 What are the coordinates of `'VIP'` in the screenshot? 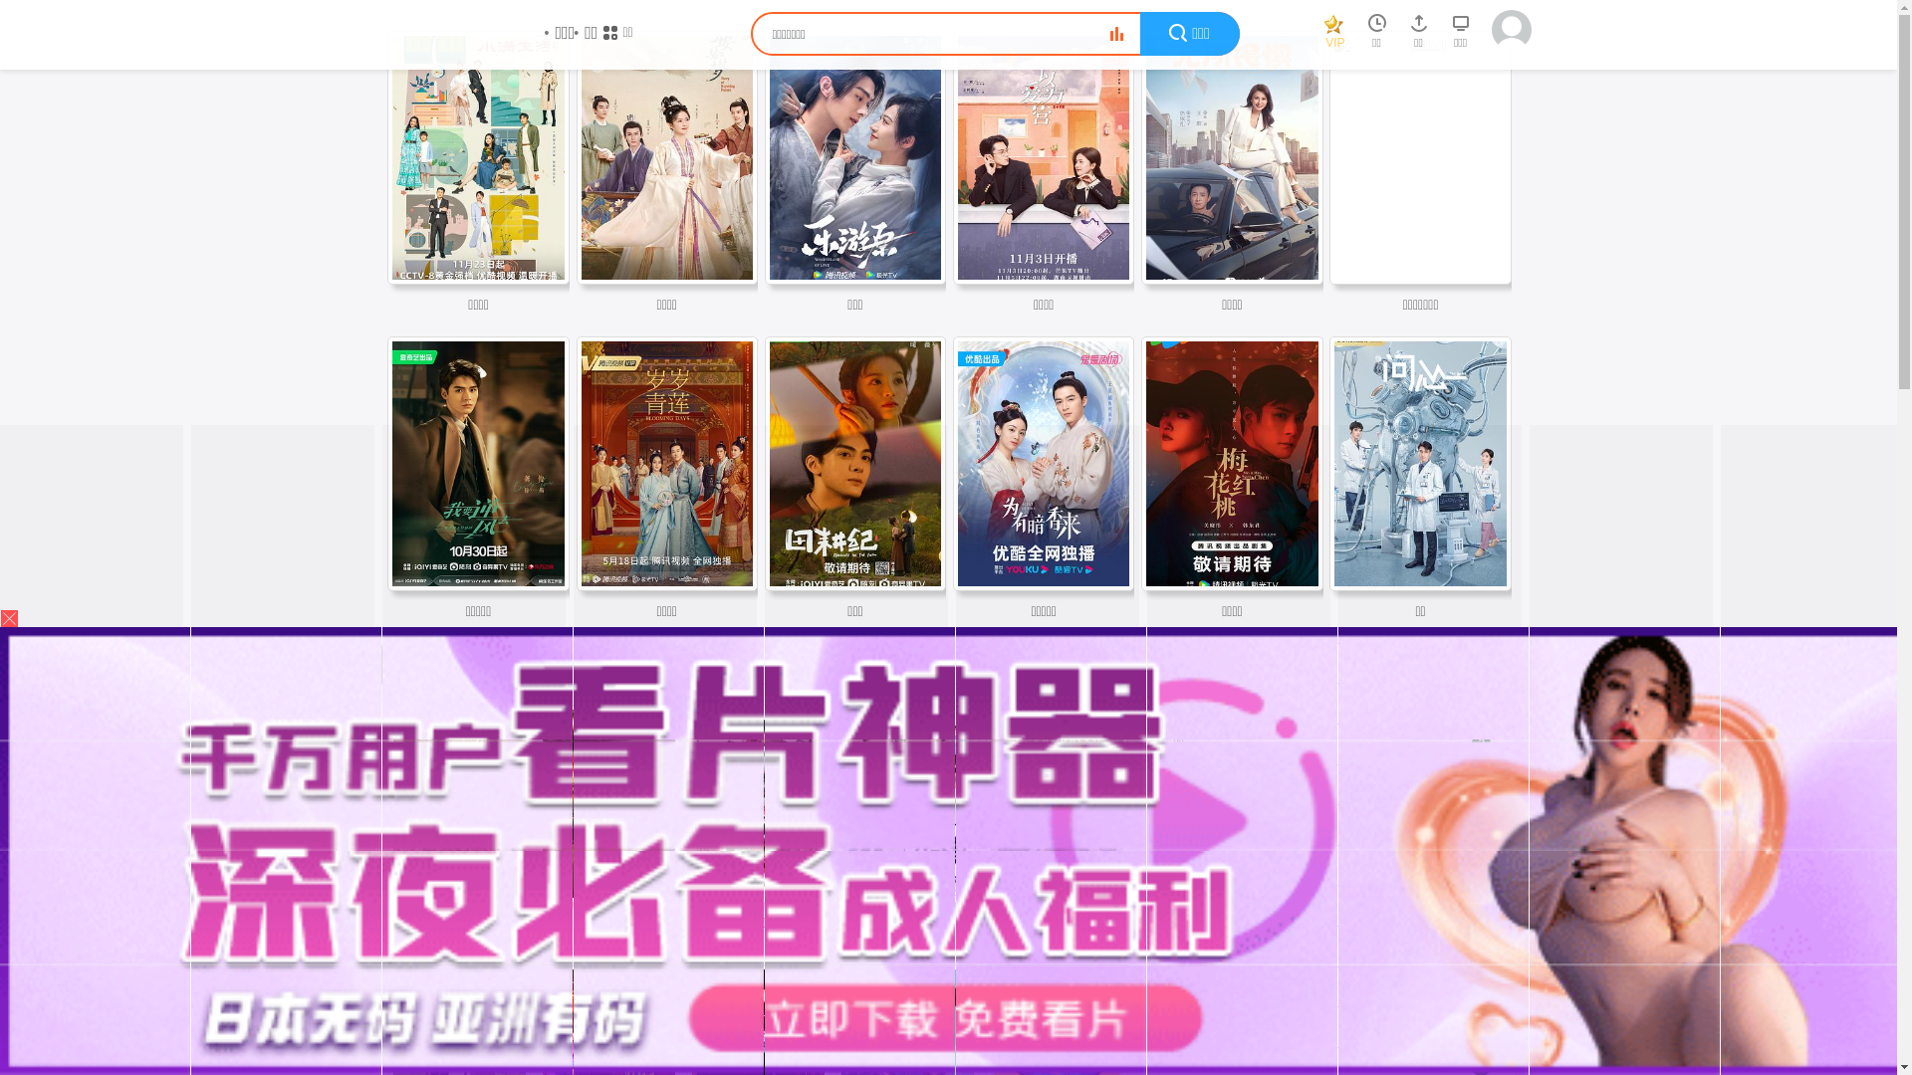 It's located at (1333, 35).